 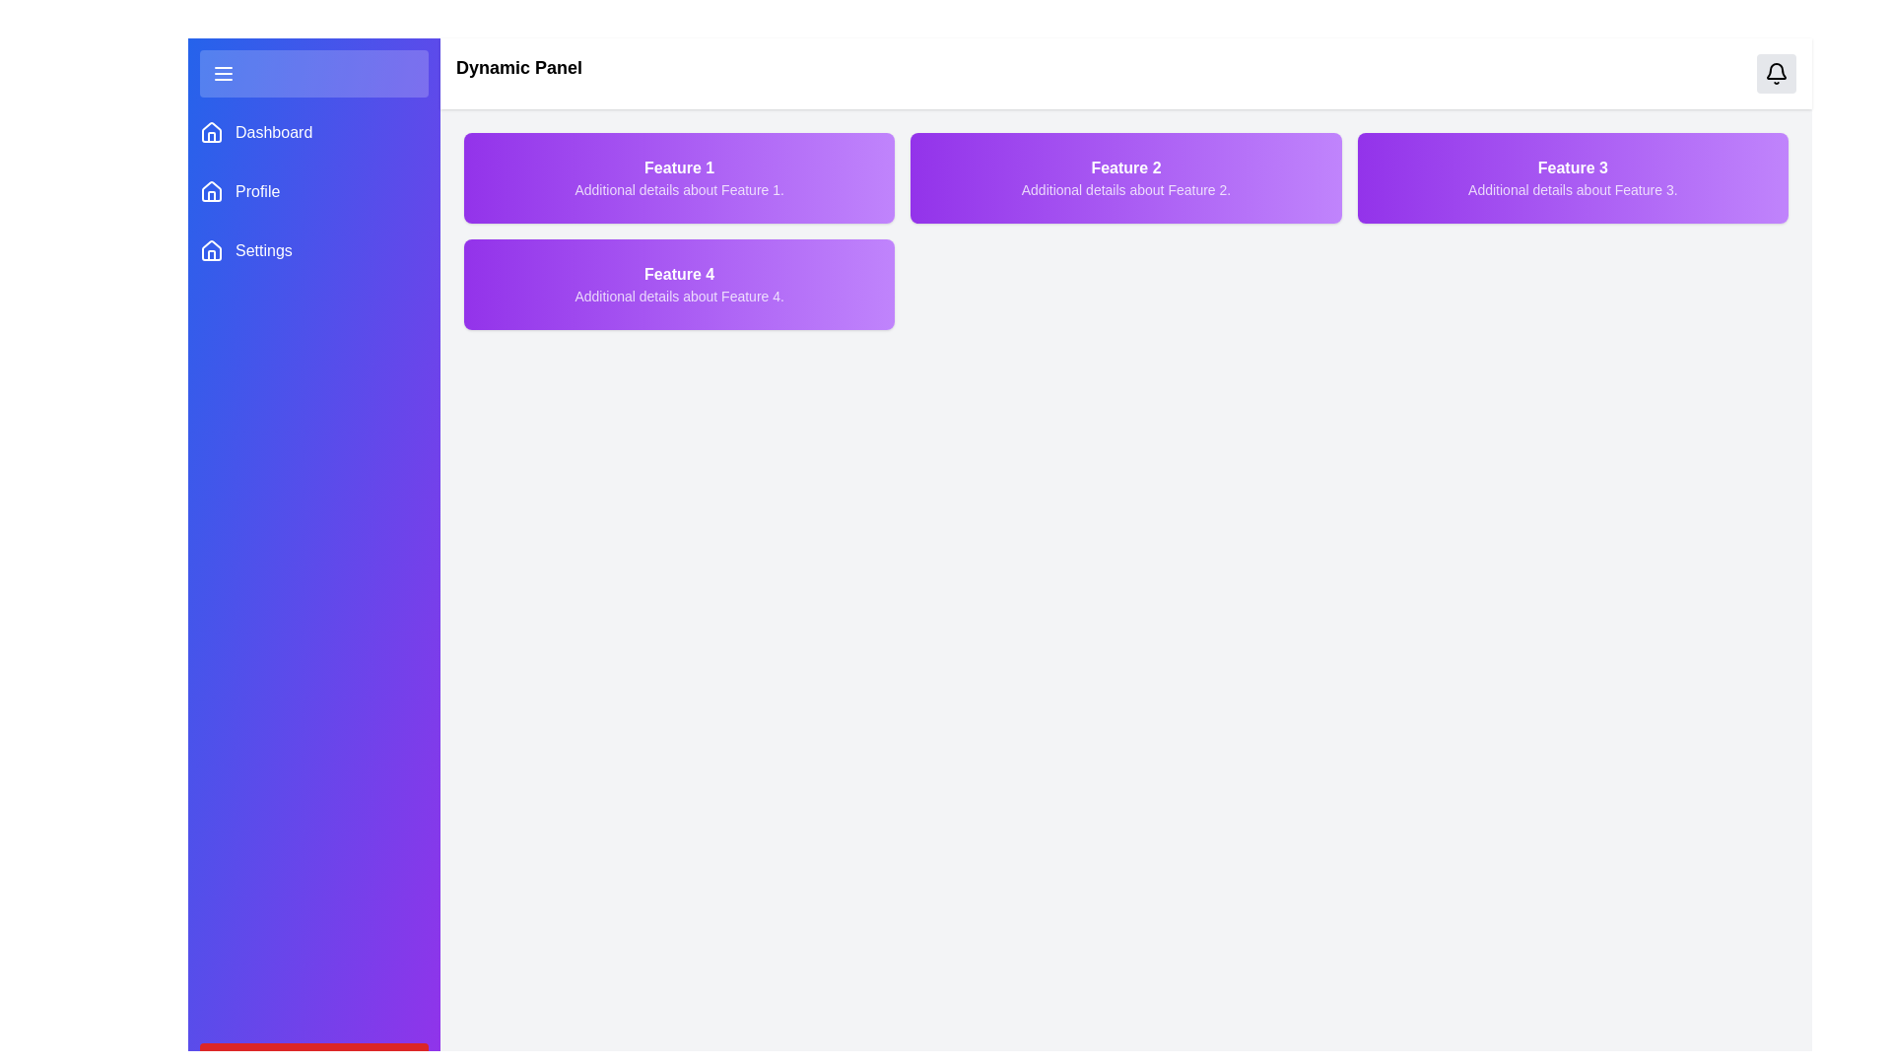 I want to click on text label that serves as the title for the third card in the top row of the grid layout, located in the main content area to the right of the sidebar, so click(x=1572, y=166).